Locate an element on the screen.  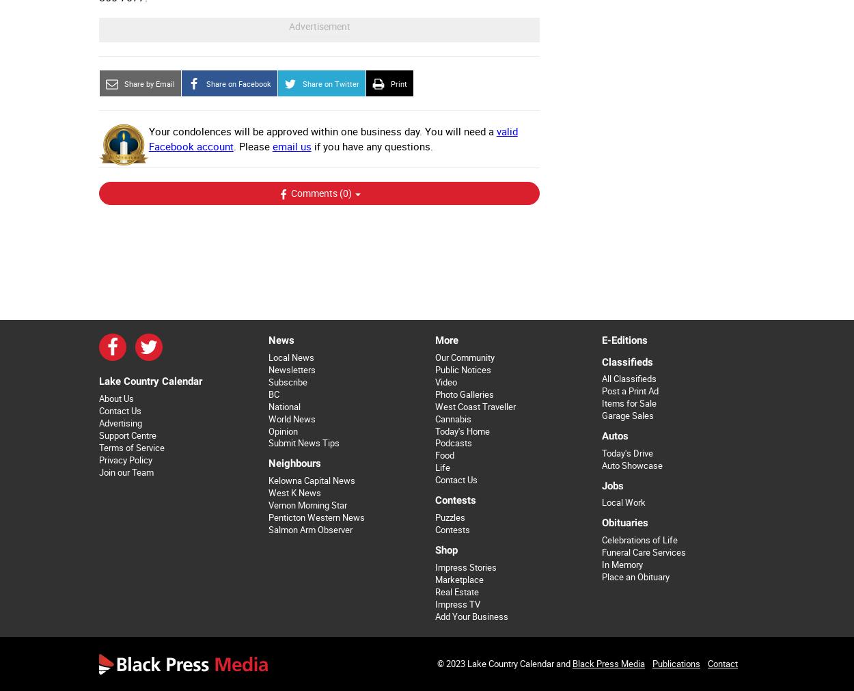
'Kelowna Capital News' is located at coordinates (310, 480).